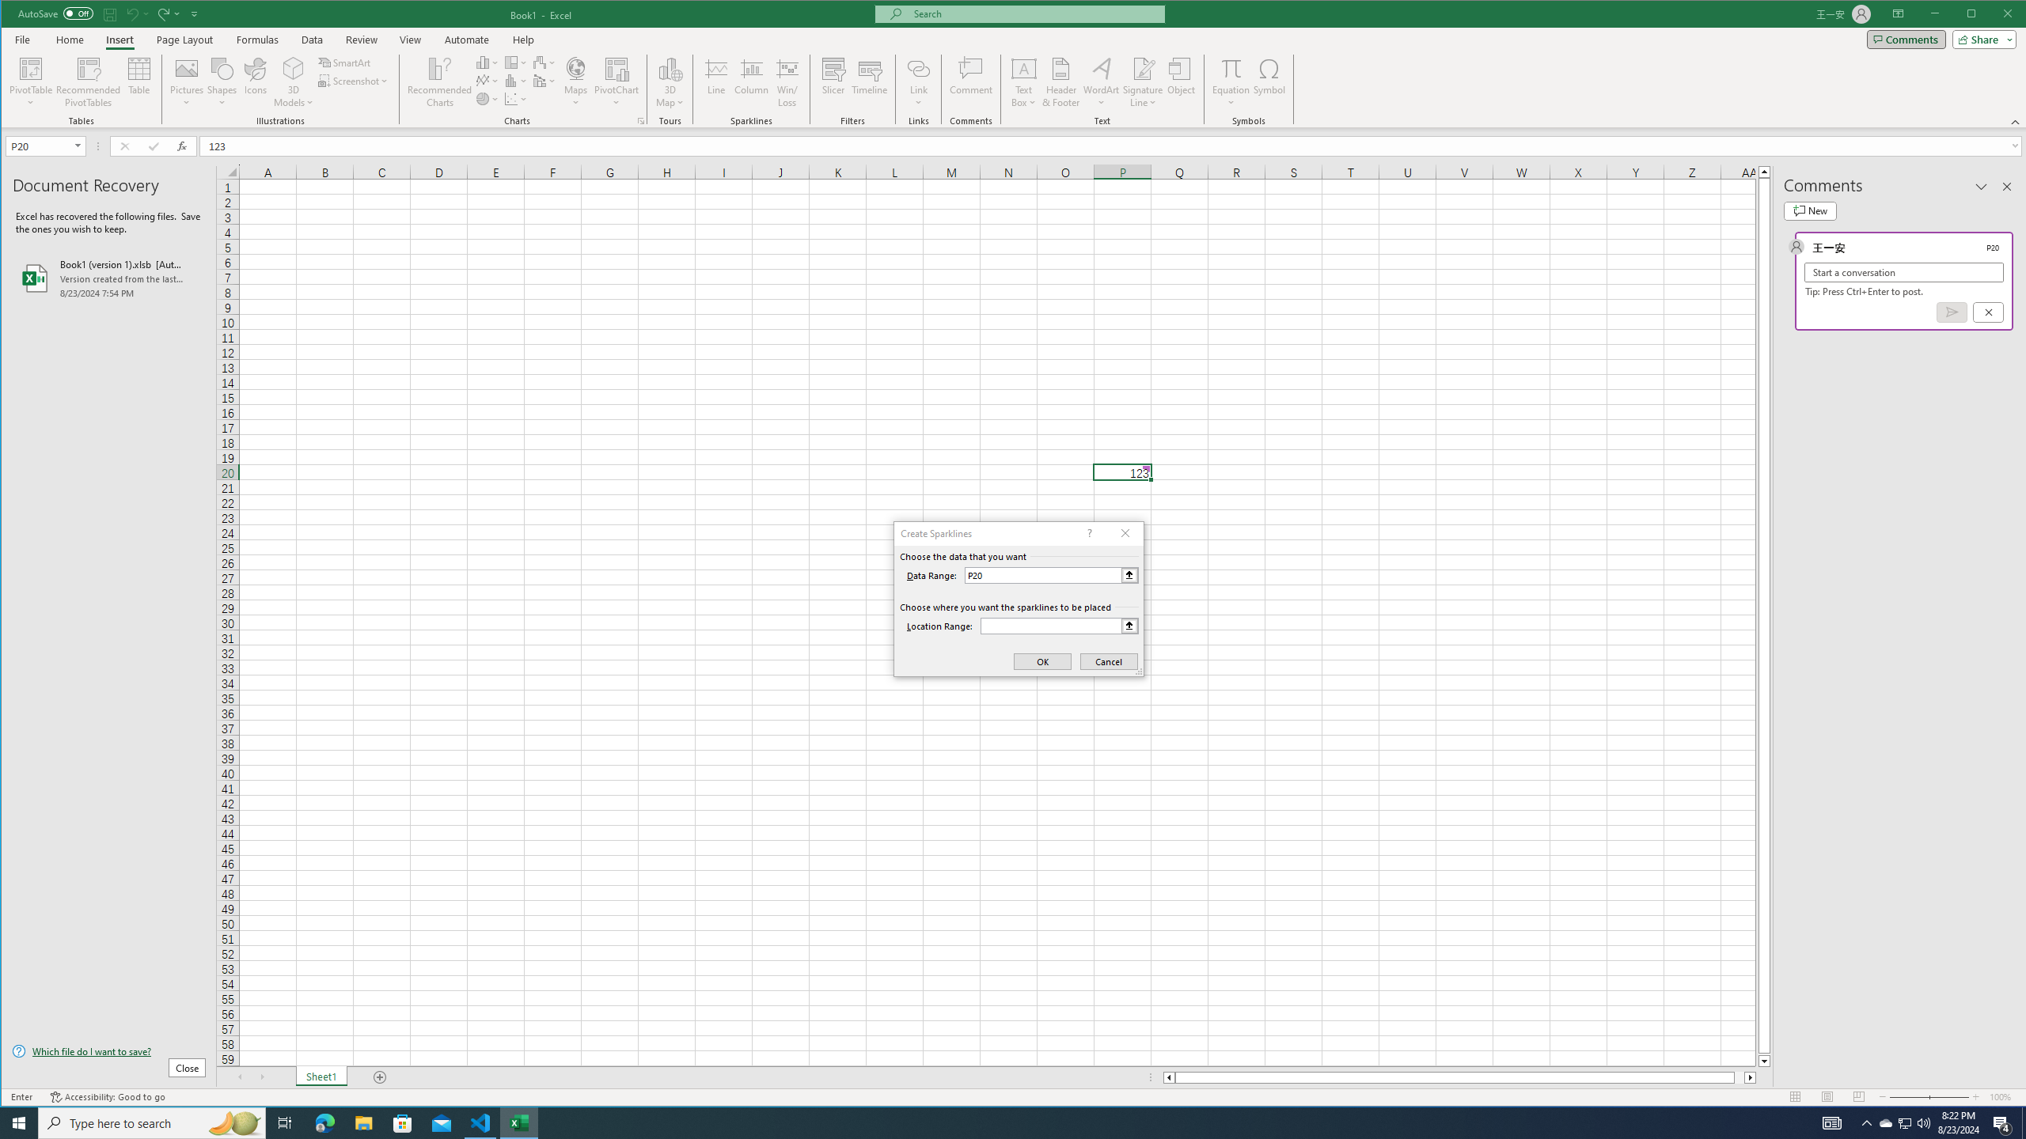 This screenshot has height=1139, width=2026. Describe the element at coordinates (1143, 67) in the screenshot. I see `'Signature Line'` at that location.